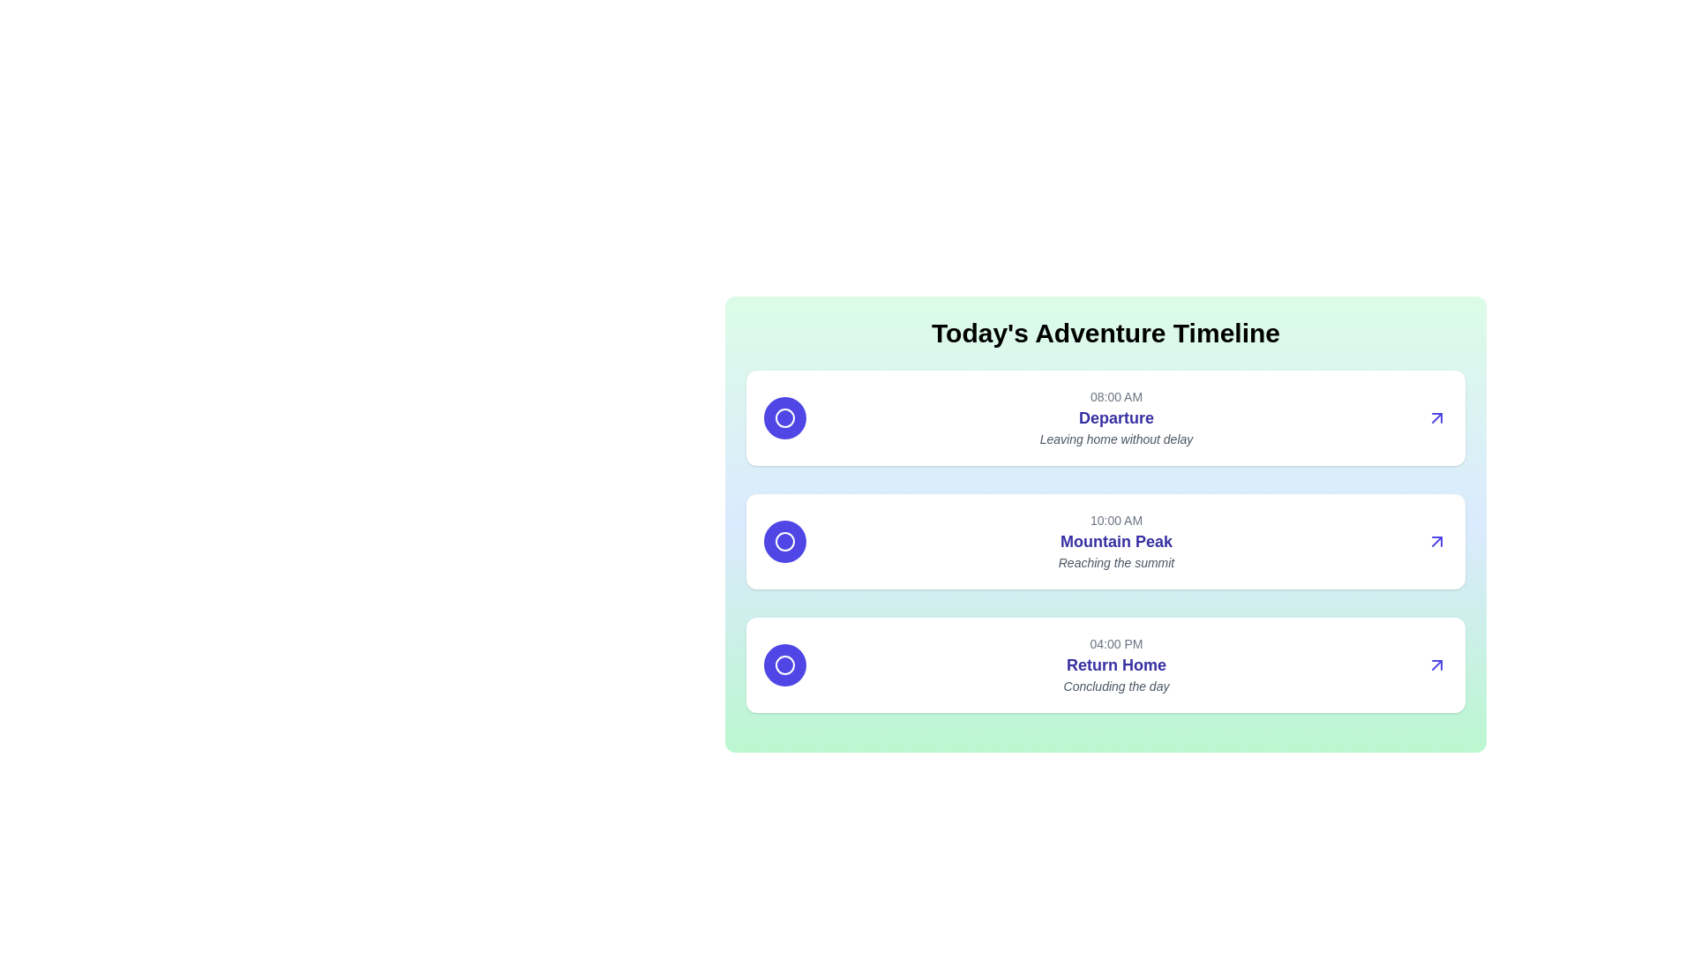 The height and width of the screenshot is (953, 1694). Describe the element at coordinates (1115, 664) in the screenshot. I see `the Timeline Entry titled 'Return Home' located within the right portion of the third item in a vertical list of timeline events, styled with a gray time label, an indigo title, and a gray italic subtitle` at that location.